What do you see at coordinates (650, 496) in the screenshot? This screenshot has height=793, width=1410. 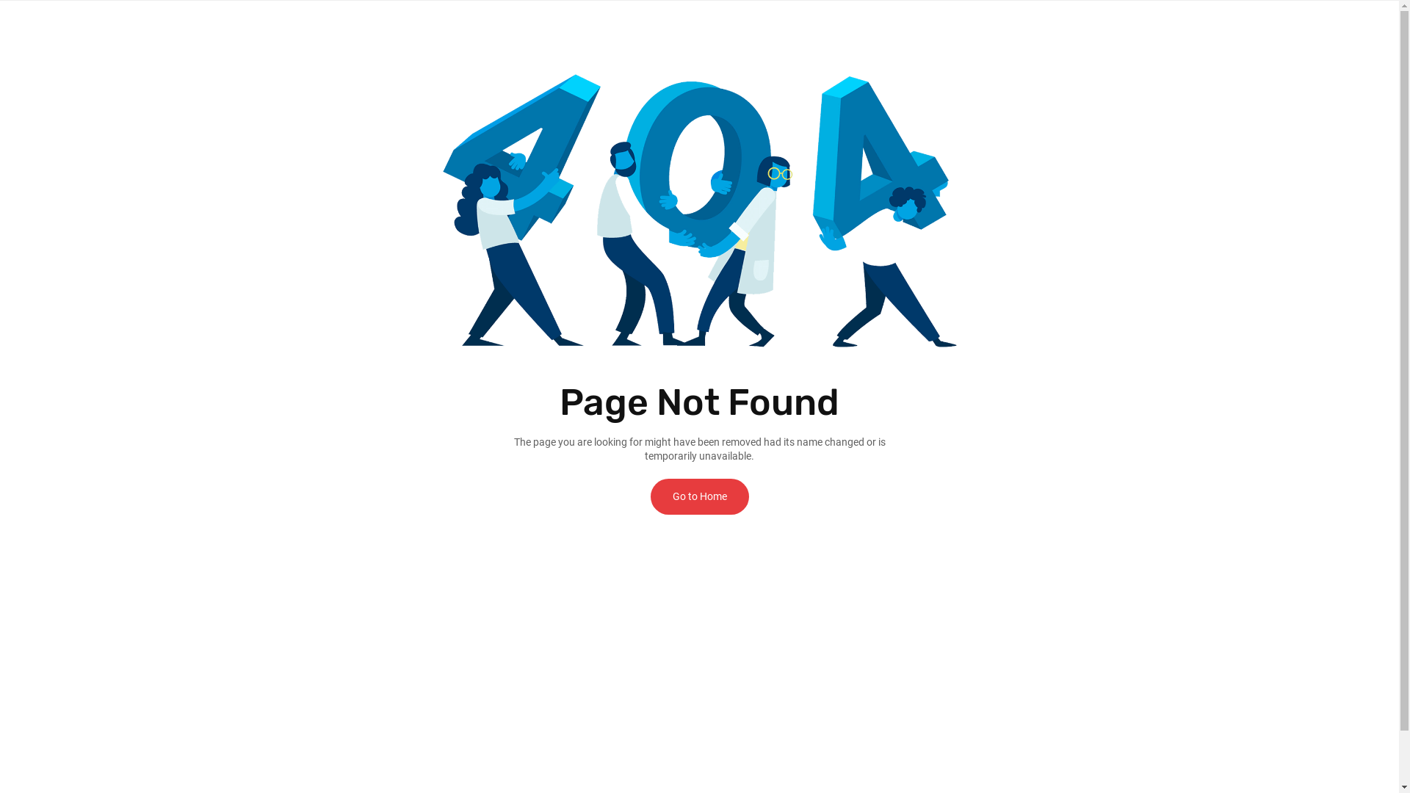 I see `'Go to Home'` at bounding box center [650, 496].